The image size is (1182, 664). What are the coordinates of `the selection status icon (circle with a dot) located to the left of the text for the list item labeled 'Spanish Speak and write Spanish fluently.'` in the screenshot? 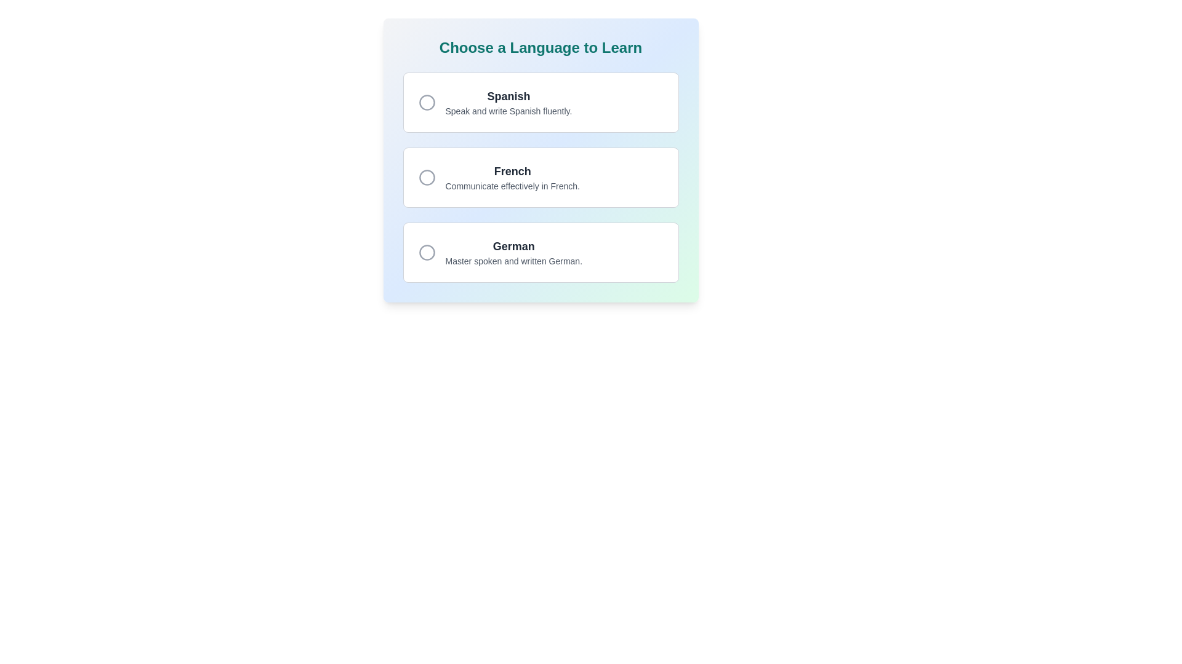 It's located at (427, 101).